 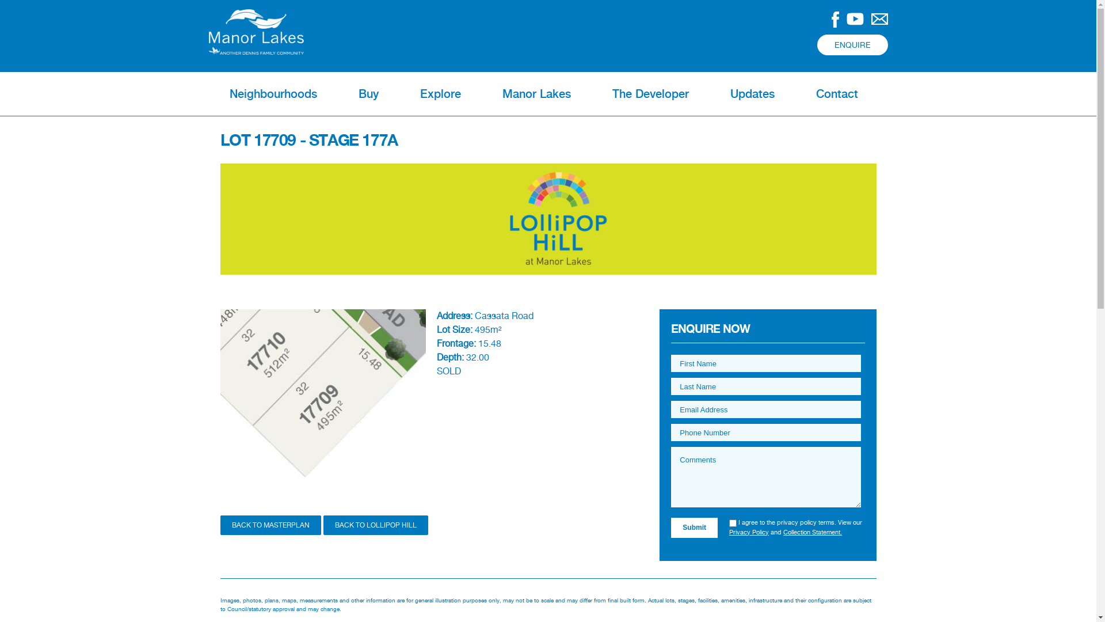 I want to click on 'Collection Statement.', so click(x=811, y=532).